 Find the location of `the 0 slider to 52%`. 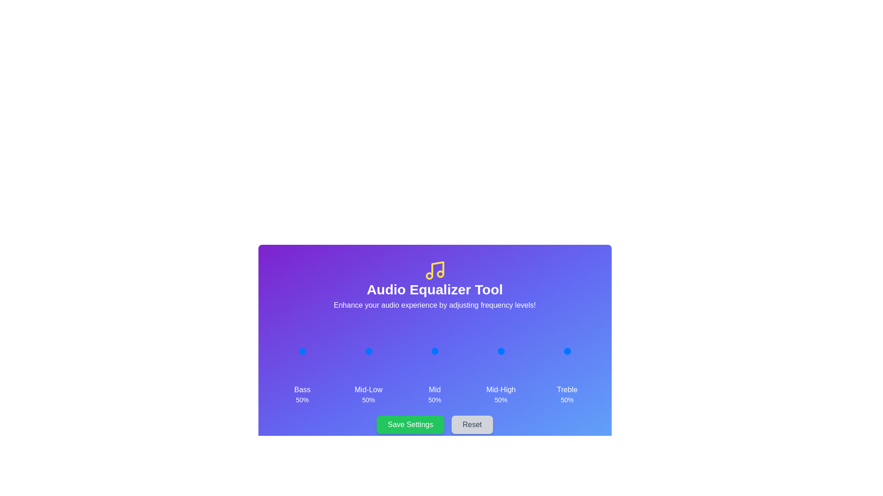

the 0 slider to 52% is located at coordinates (303, 351).